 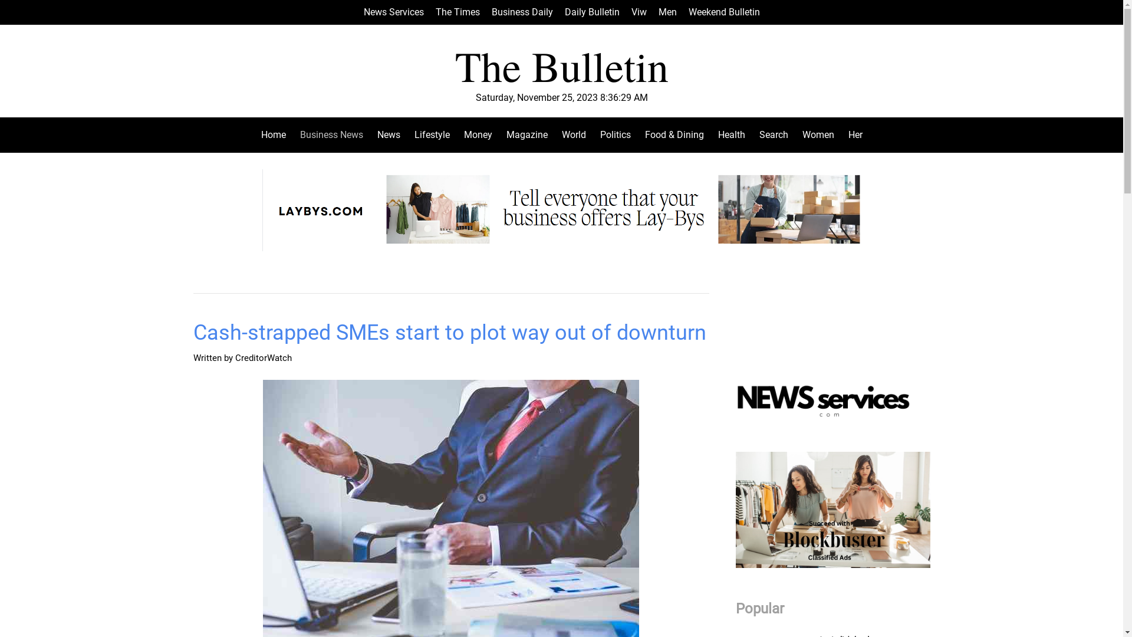 What do you see at coordinates (614, 134) in the screenshot?
I see `'Politics'` at bounding box center [614, 134].